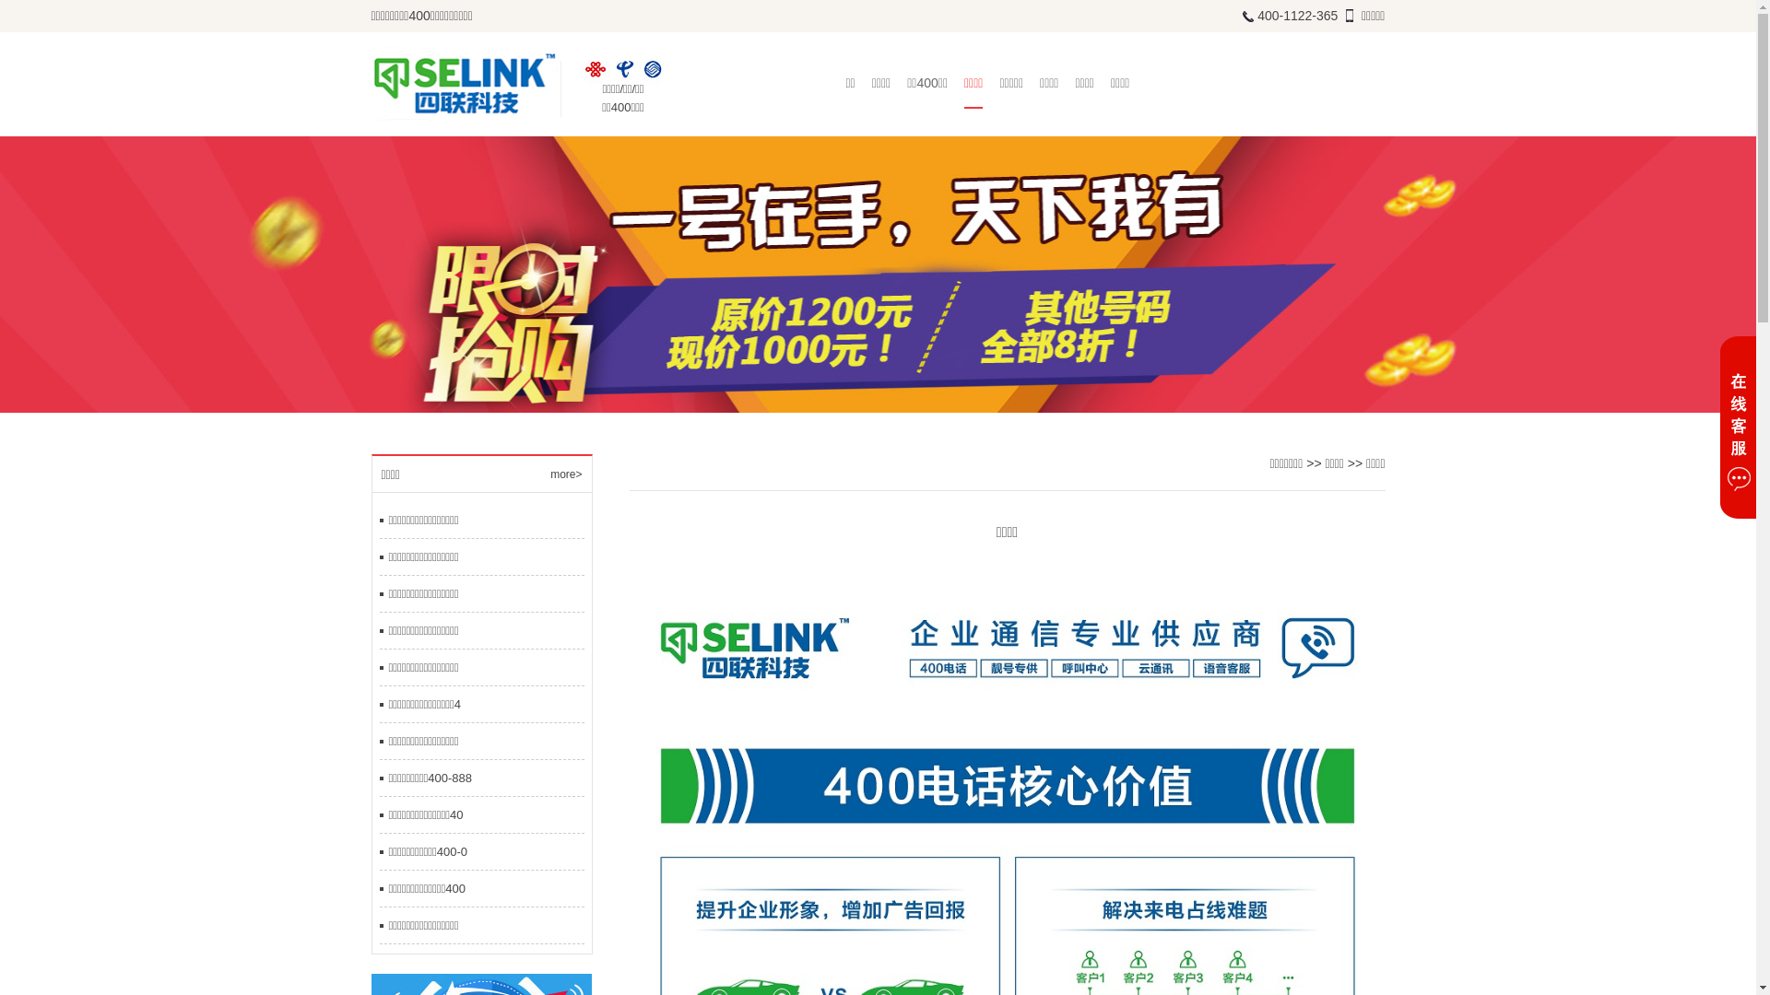  I want to click on 'more>', so click(565, 474).